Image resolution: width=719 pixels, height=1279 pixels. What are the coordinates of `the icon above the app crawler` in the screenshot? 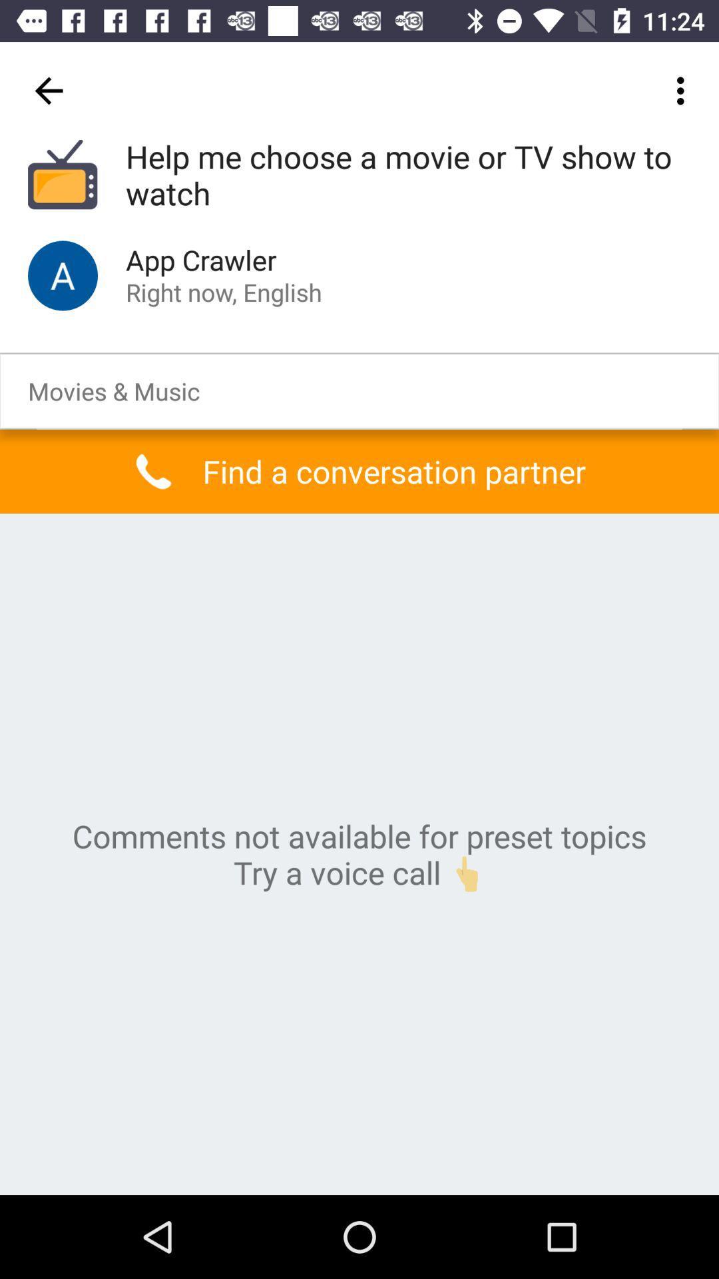 It's located at (407, 175).